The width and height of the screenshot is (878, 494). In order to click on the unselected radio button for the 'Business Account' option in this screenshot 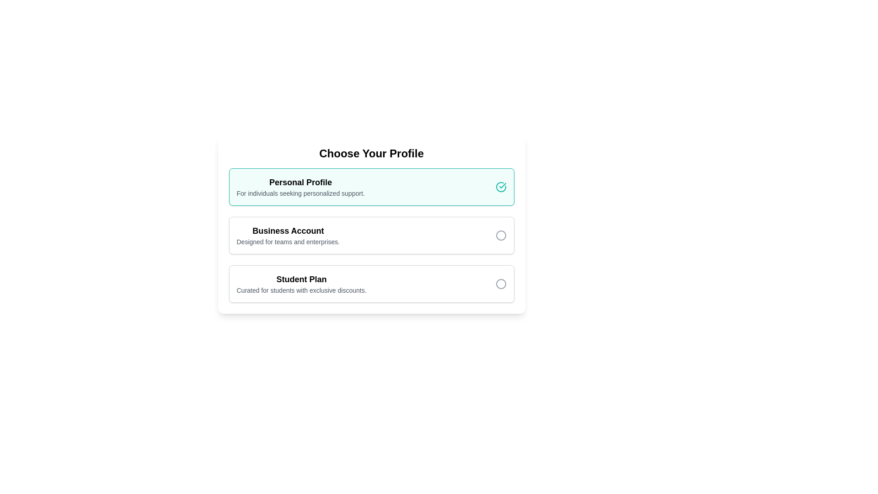, I will do `click(500, 235)`.